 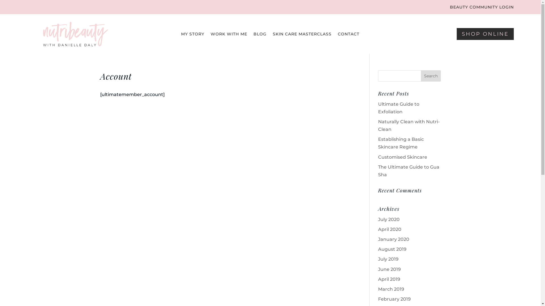 I want to click on 'January 2020', so click(x=378, y=239).